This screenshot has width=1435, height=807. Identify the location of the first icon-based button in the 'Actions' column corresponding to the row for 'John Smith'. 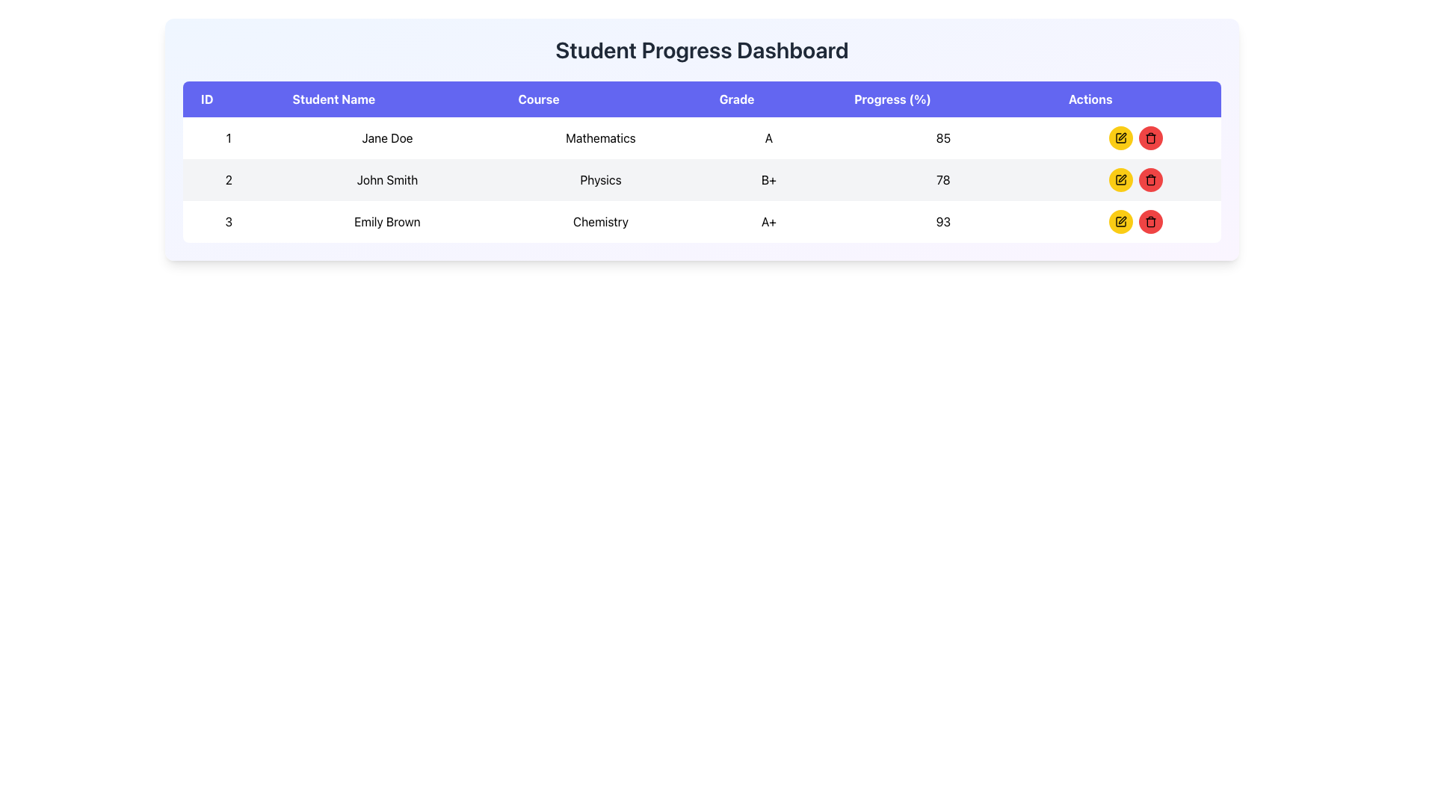
(1120, 138).